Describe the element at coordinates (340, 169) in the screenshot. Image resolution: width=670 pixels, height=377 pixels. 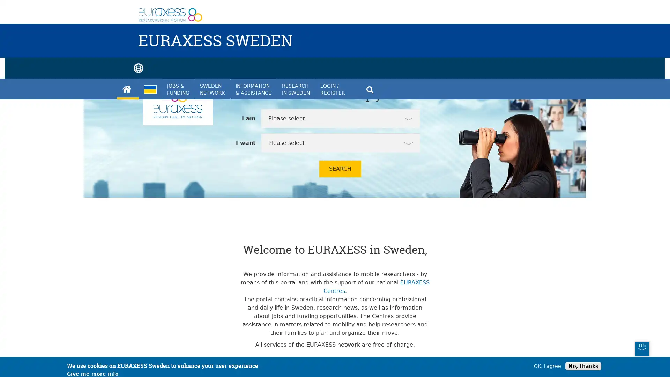
I see `SEARCH` at that location.